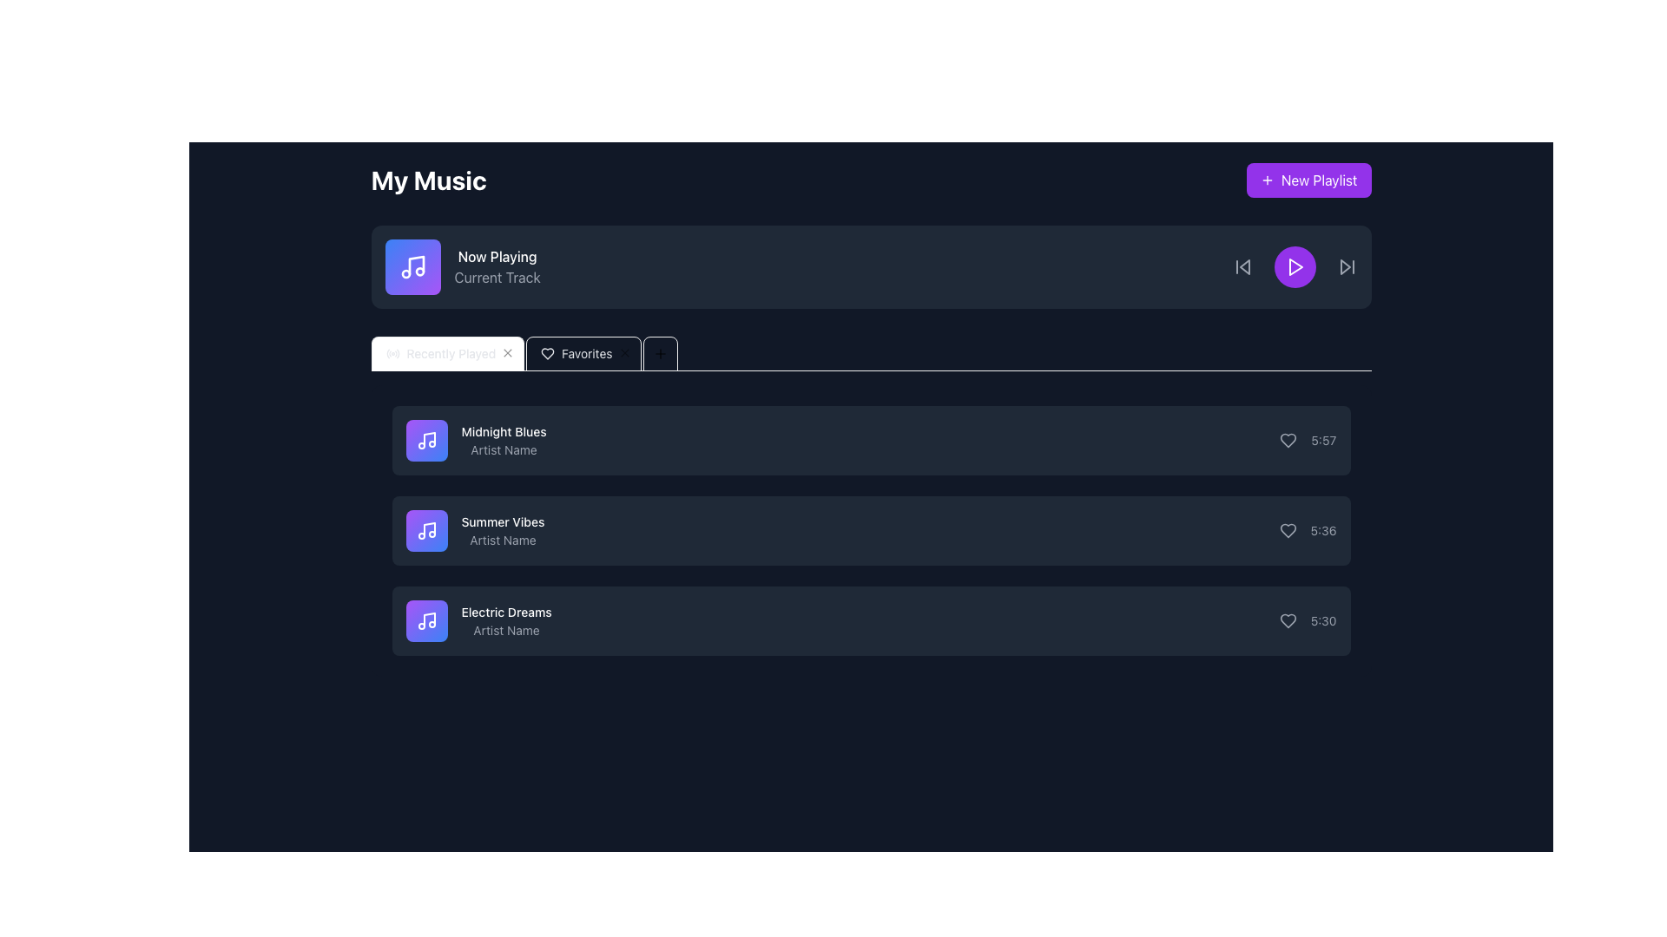 The width and height of the screenshot is (1667, 937). What do you see at coordinates (547, 353) in the screenshot?
I see `the favorite status icon located to the left of the 'Favorites' text in the music player's playlist interface, which is positioned below the 'Recently Played' area` at bounding box center [547, 353].